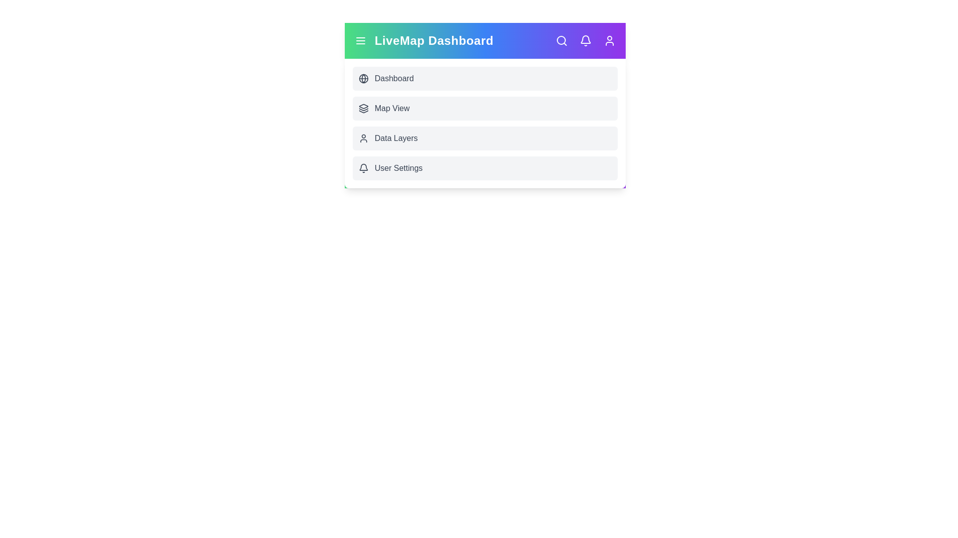  What do you see at coordinates (360, 40) in the screenshot?
I see `the menu icon to toggle the menu visibility` at bounding box center [360, 40].